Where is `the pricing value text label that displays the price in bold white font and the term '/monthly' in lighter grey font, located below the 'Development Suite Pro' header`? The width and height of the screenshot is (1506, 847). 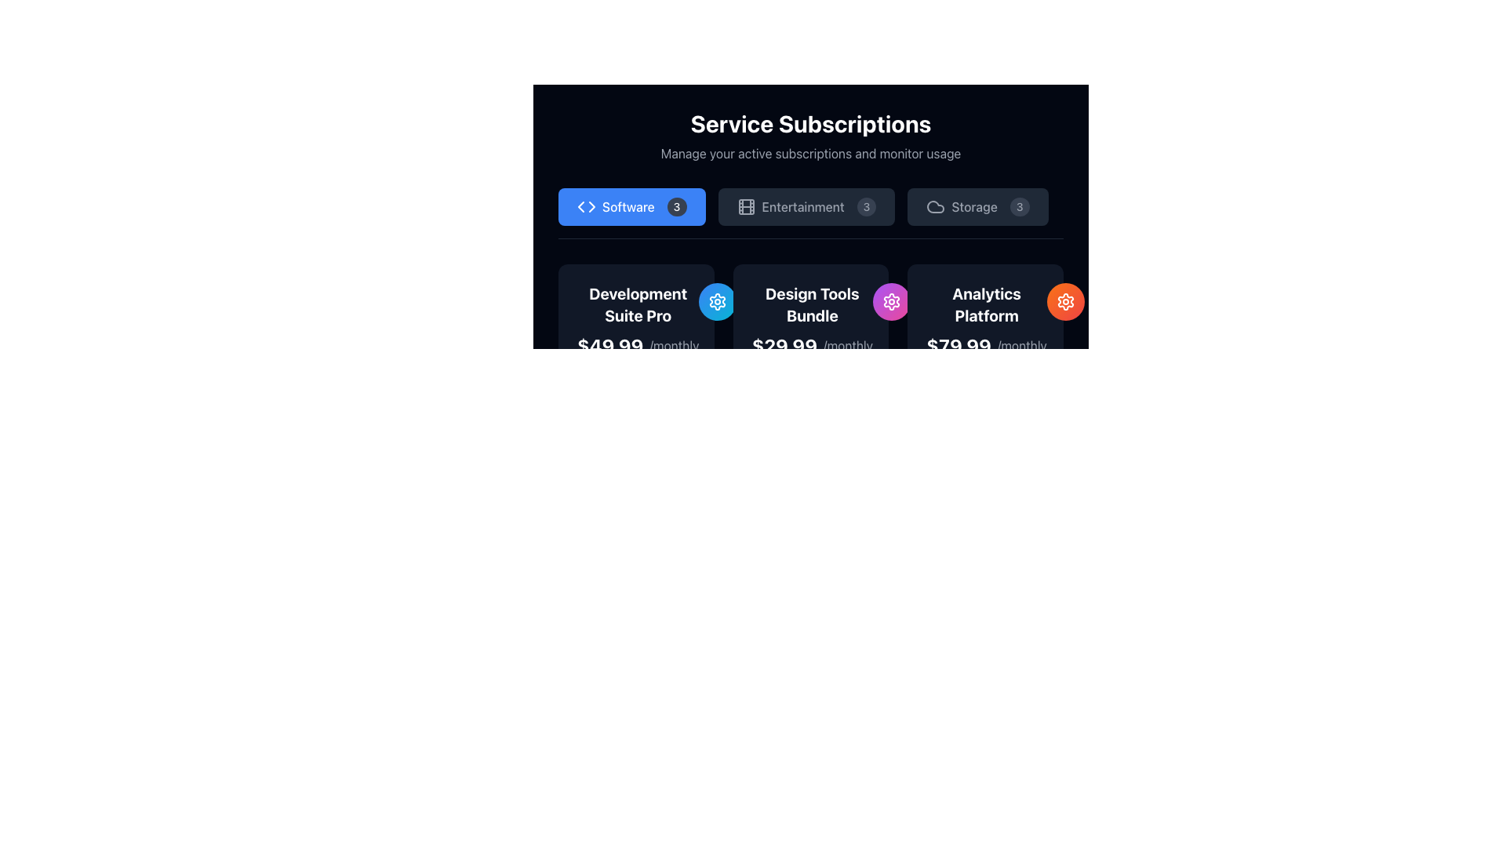
the pricing value text label that displays the price in bold white font and the term '/monthly' in lighter grey font, located below the 'Development Suite Pro' header is located at coordinates (638, 344).